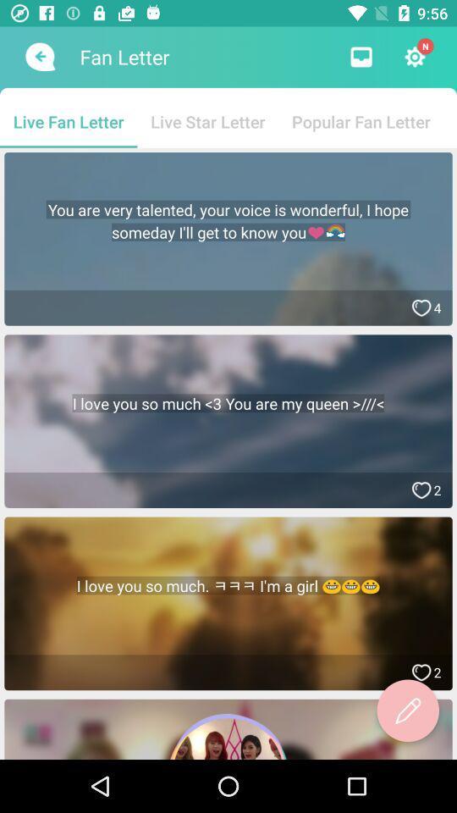 The width and height of the screenshot is (457, 813). Describe the element at coordinates (407, 711) in the screenshot. I see `icon below the i love you app` at that location.